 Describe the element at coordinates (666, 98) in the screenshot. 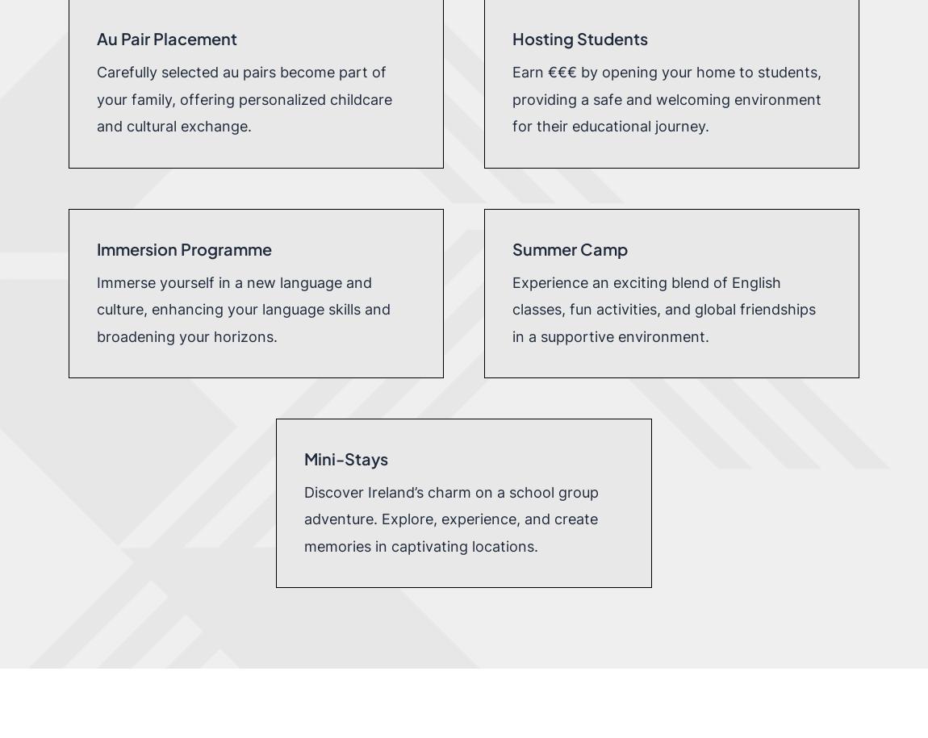

I see `'Earn €€€ by opening your home to students, providing a safe and welcoming environment for their educational journey.'` at that location.